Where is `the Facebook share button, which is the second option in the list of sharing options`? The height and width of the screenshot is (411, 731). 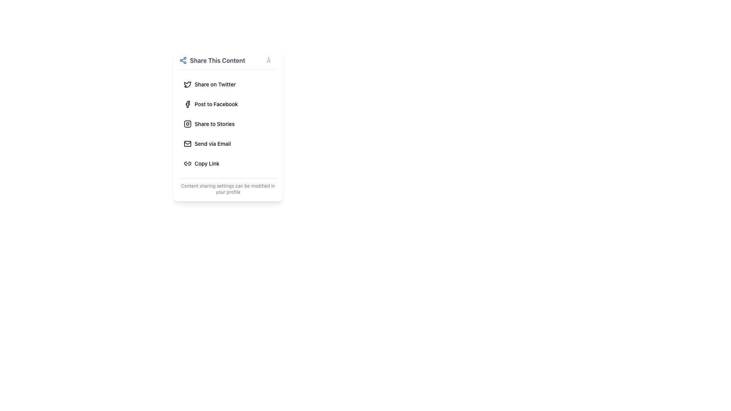 the Facebook share button, which is the second option in the list of sharing options is located at coordinates (228, 104).